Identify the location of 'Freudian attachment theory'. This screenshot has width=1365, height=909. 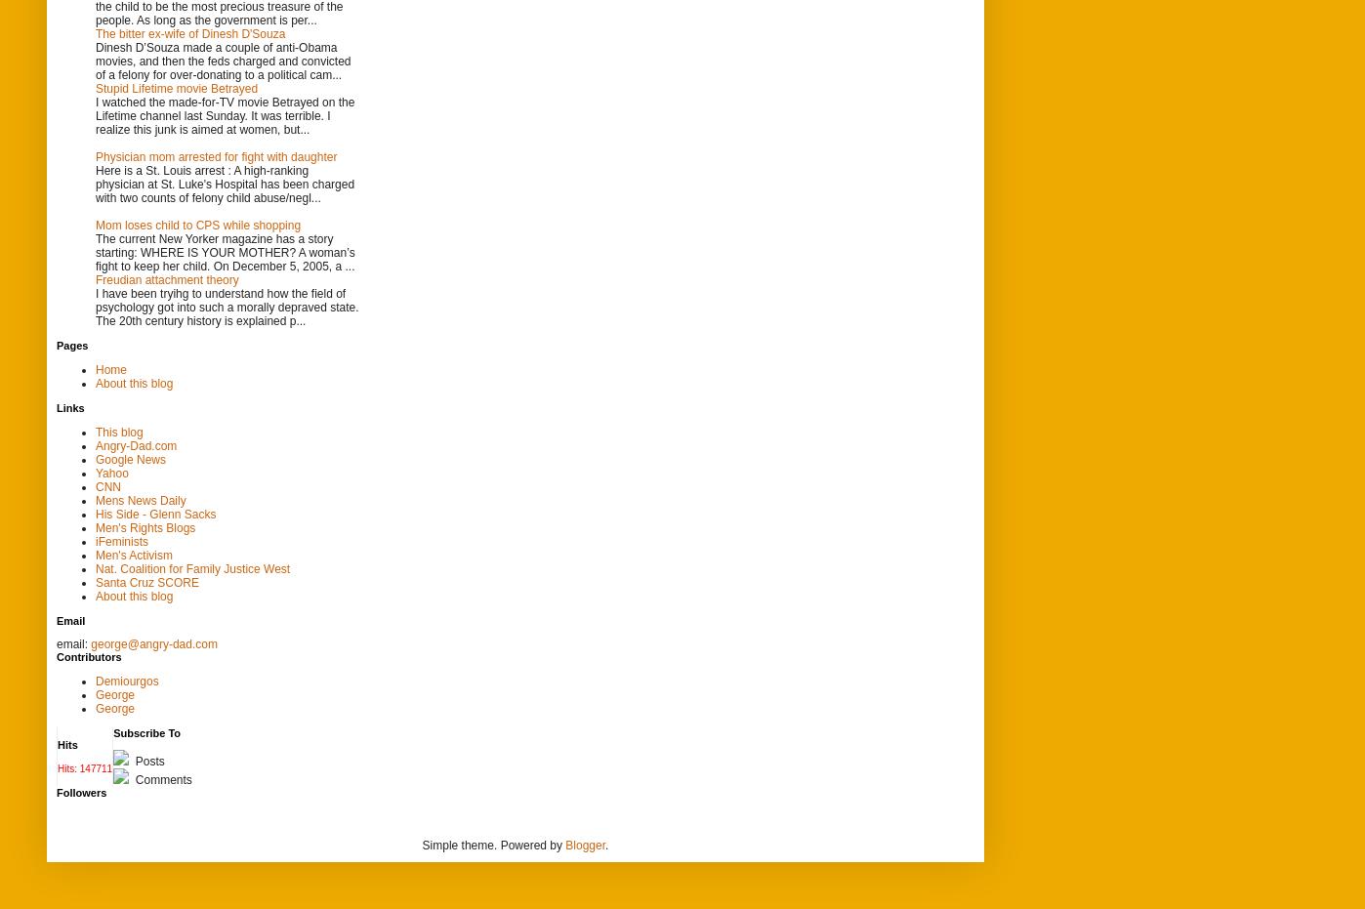
(166, 278).